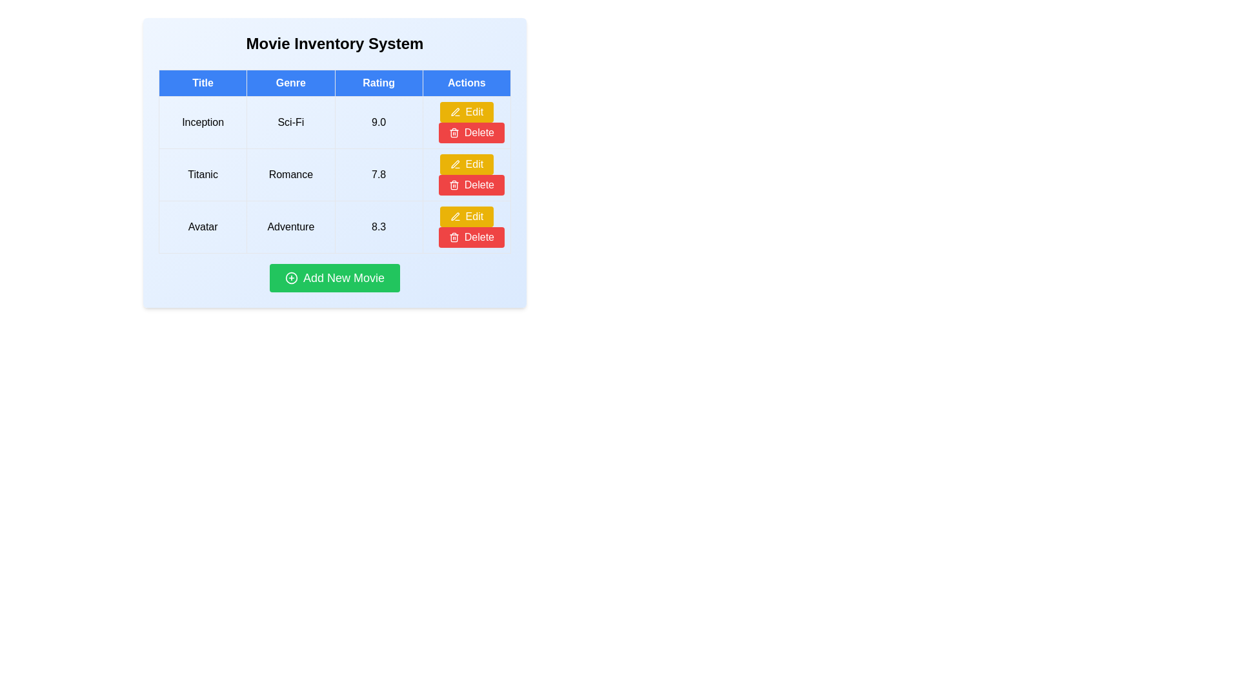 The height and width of the screenshot is (697, 1239). I want to click on the yellow 'Edit' button with white text, so click(466, 216).